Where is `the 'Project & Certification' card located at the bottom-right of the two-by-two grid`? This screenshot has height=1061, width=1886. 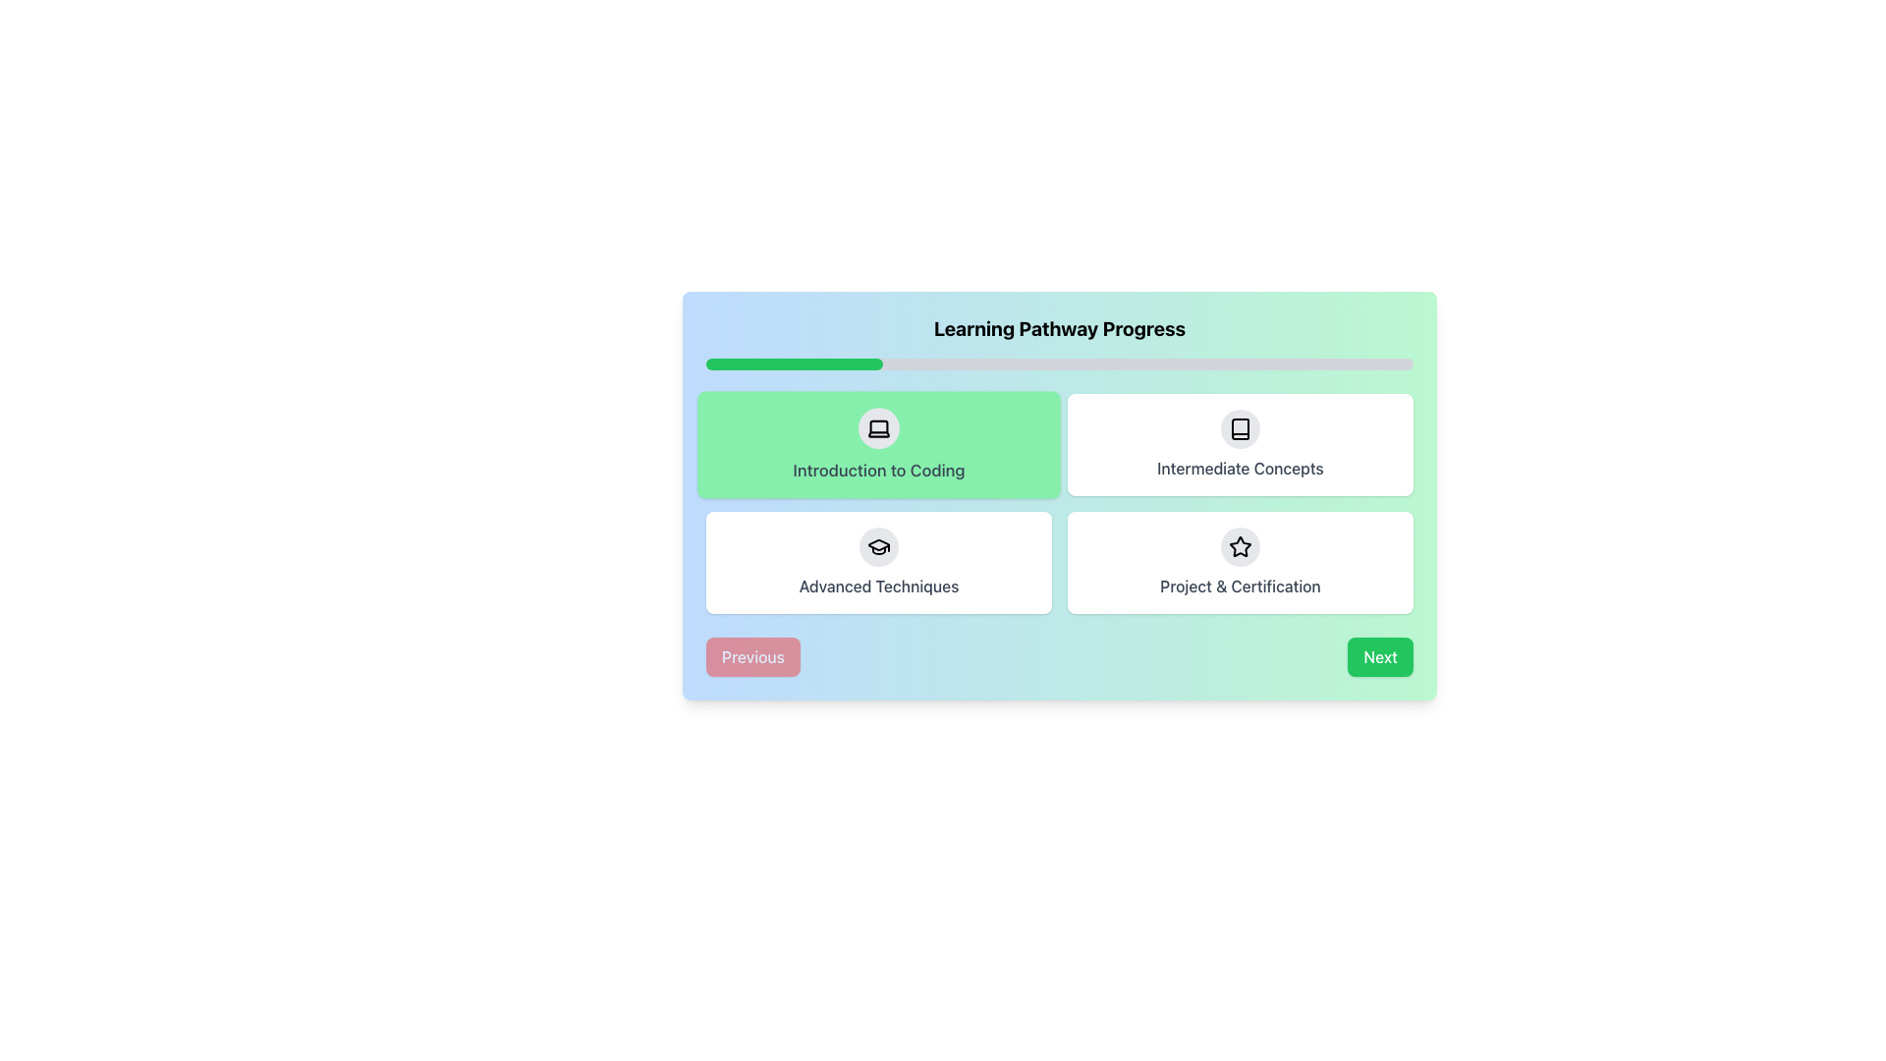 the 'Project & Certification' card located at the bottom-right of the two-by-two grid is located at coordinates (1239, 563).